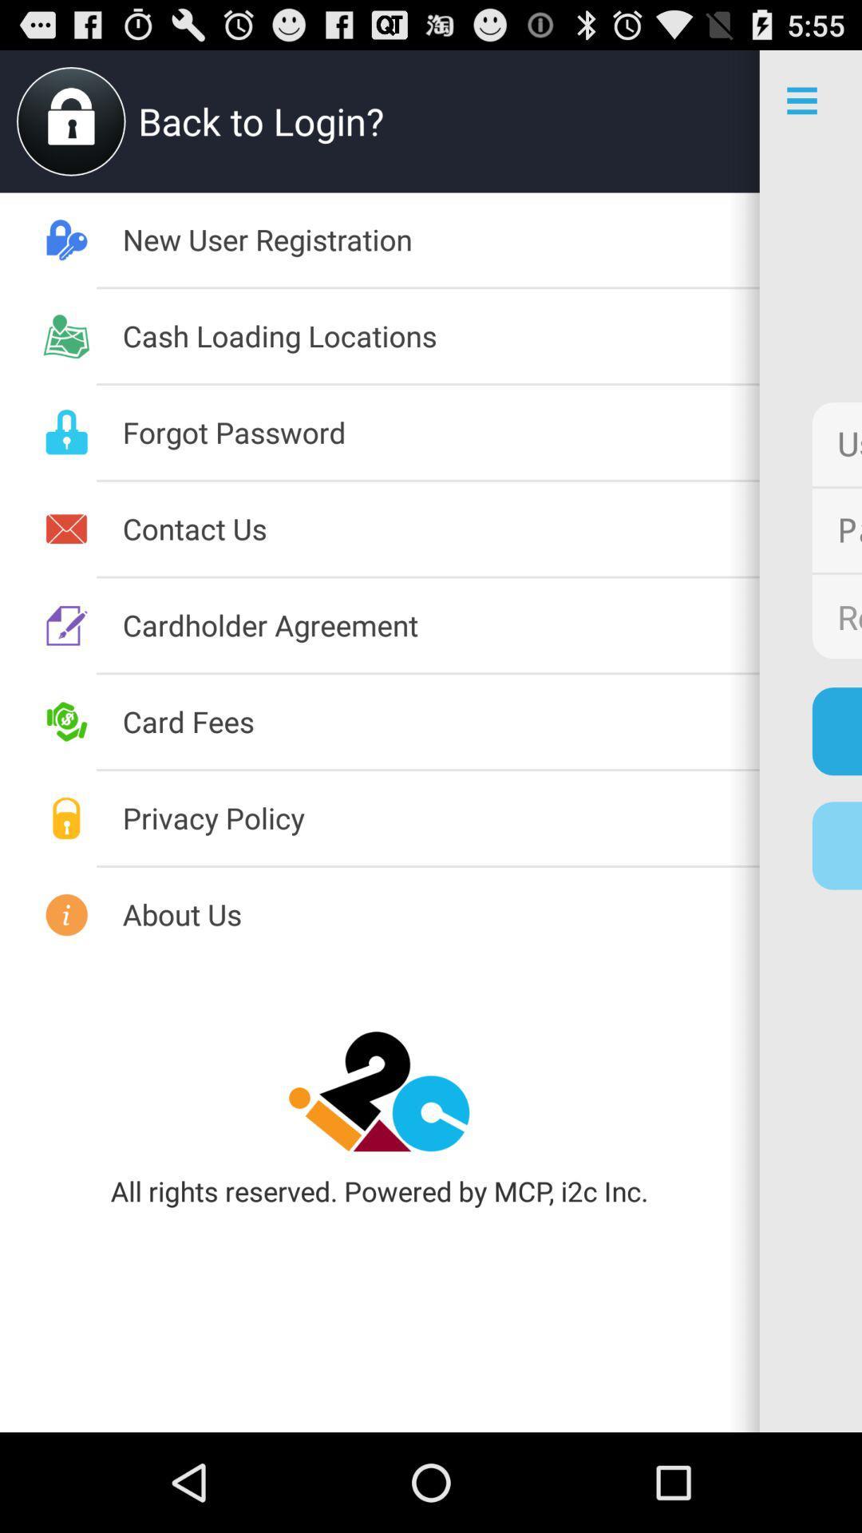 The width and height of the screenshot is (862, 1533). Describe the element at coordinates (810, 99) in the screenshot. I see `the icon which consists of three horizontal bars` at that location.